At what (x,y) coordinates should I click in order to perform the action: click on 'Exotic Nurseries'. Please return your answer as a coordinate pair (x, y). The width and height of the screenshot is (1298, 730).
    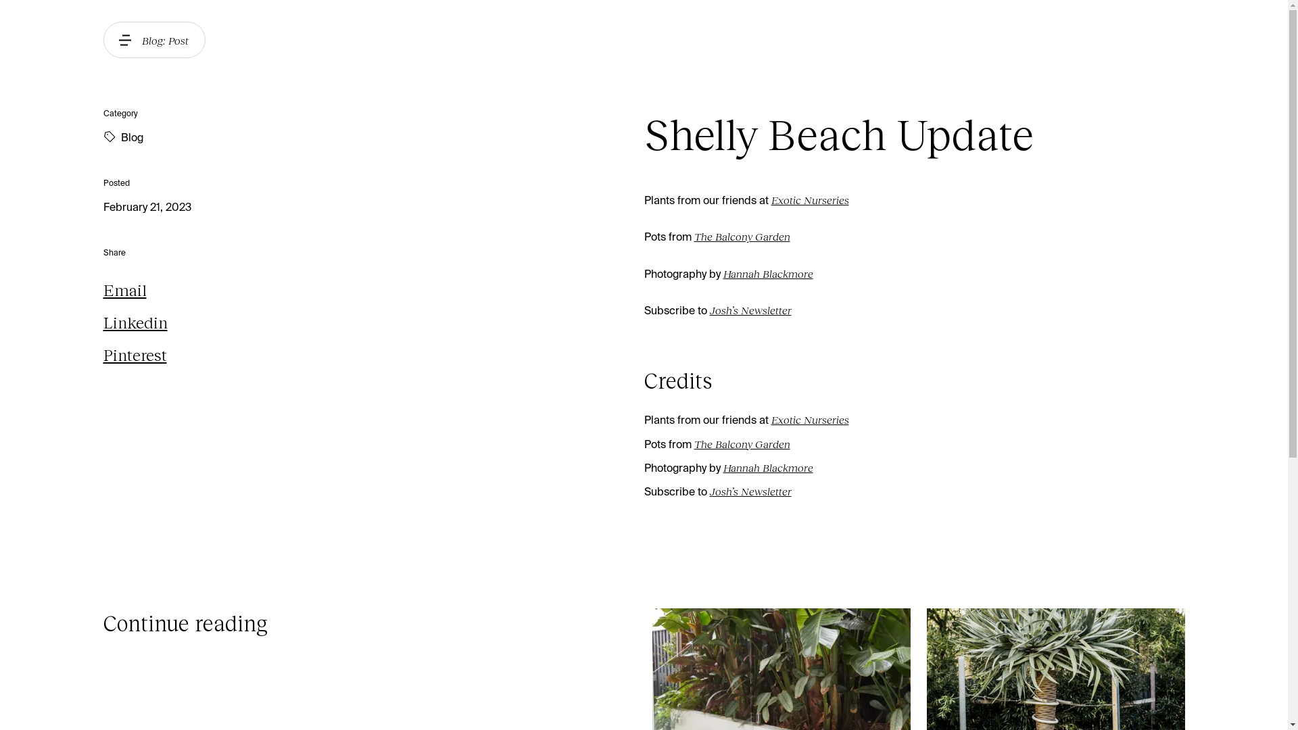
    Looking at the image, I should click on (809, 419).